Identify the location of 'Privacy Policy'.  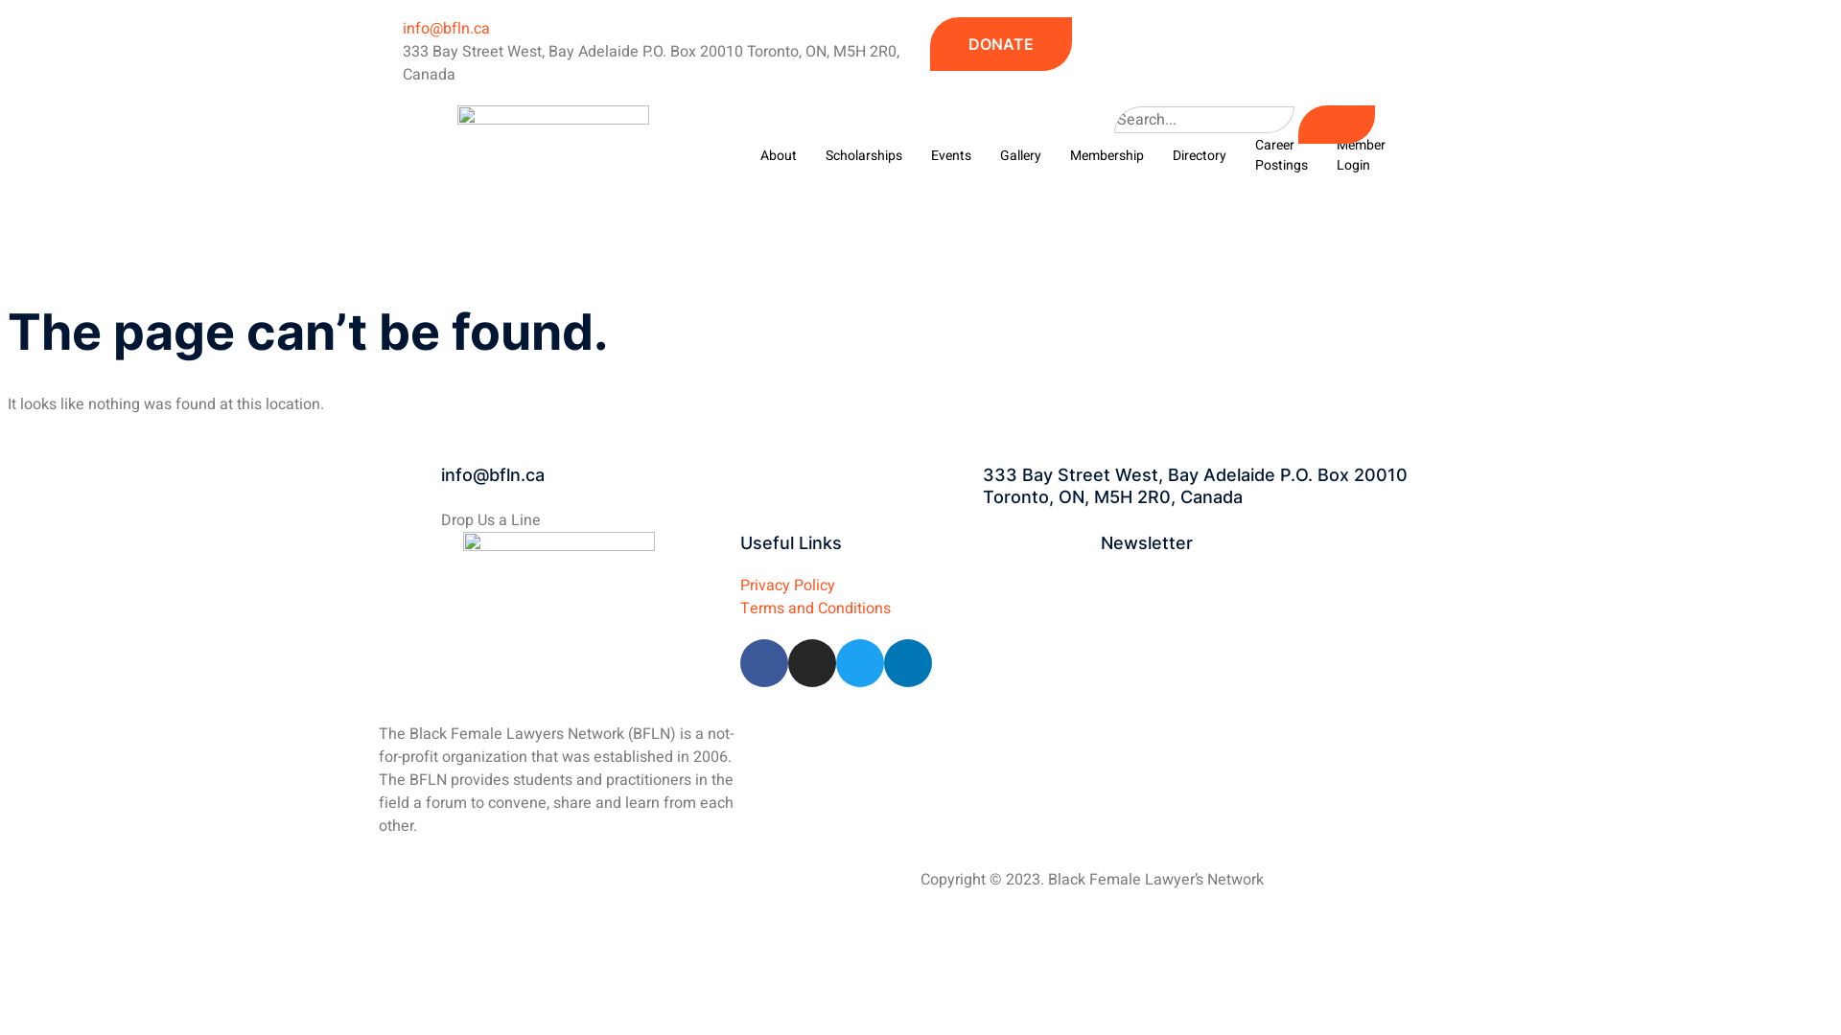
(739, 583).